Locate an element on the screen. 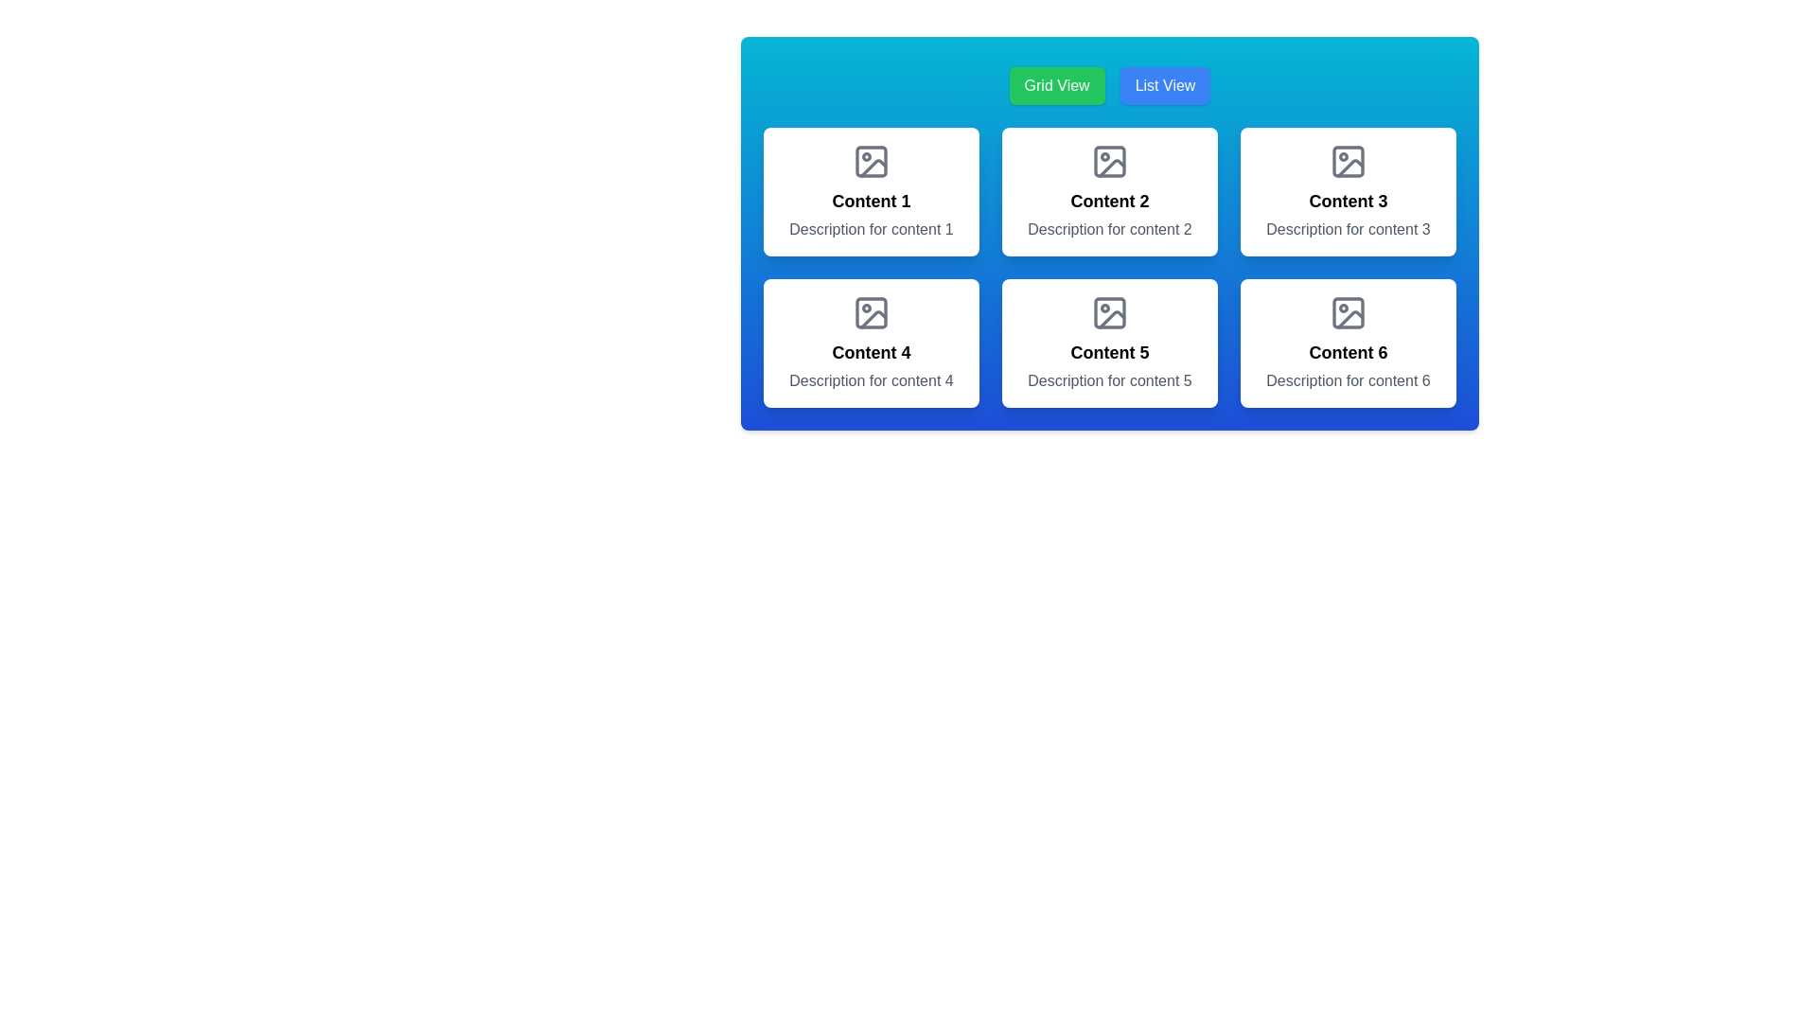 Image resolution: width=1817 pixels, height=1022 pixels. the graphical SVG rectangle that represents a part of the image icon in the first card of the grid layout, located above the title 'Content 1' and the description 'Description for content 1' is located at coordinates (871, 160).